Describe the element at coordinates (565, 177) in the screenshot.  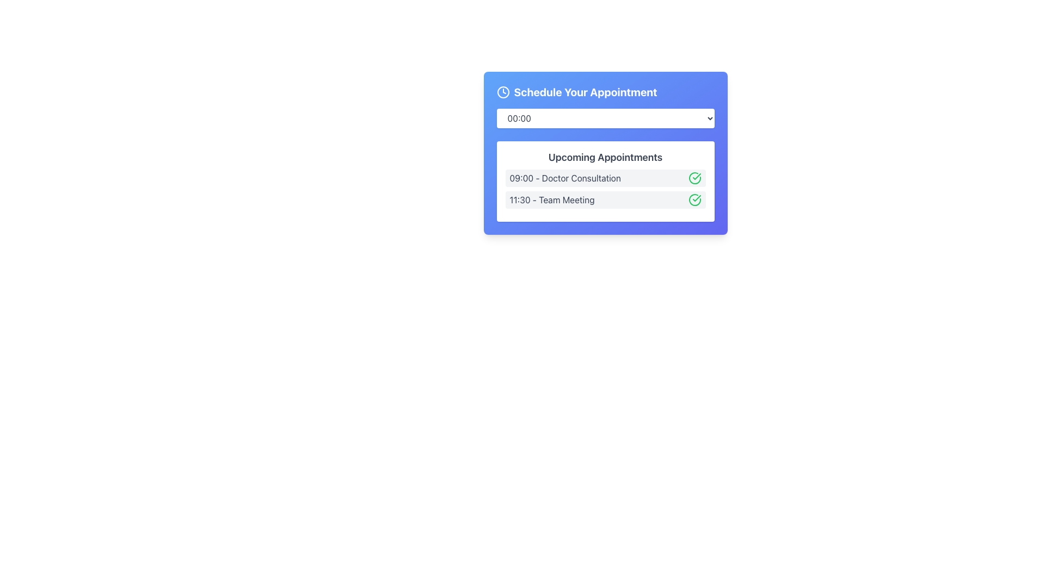
I see `the text label indicating the scheduled time and title of an appointment for a doctor consultation at 09:00, which is the first item in the 'Upcoming Appointments' list` at that location.